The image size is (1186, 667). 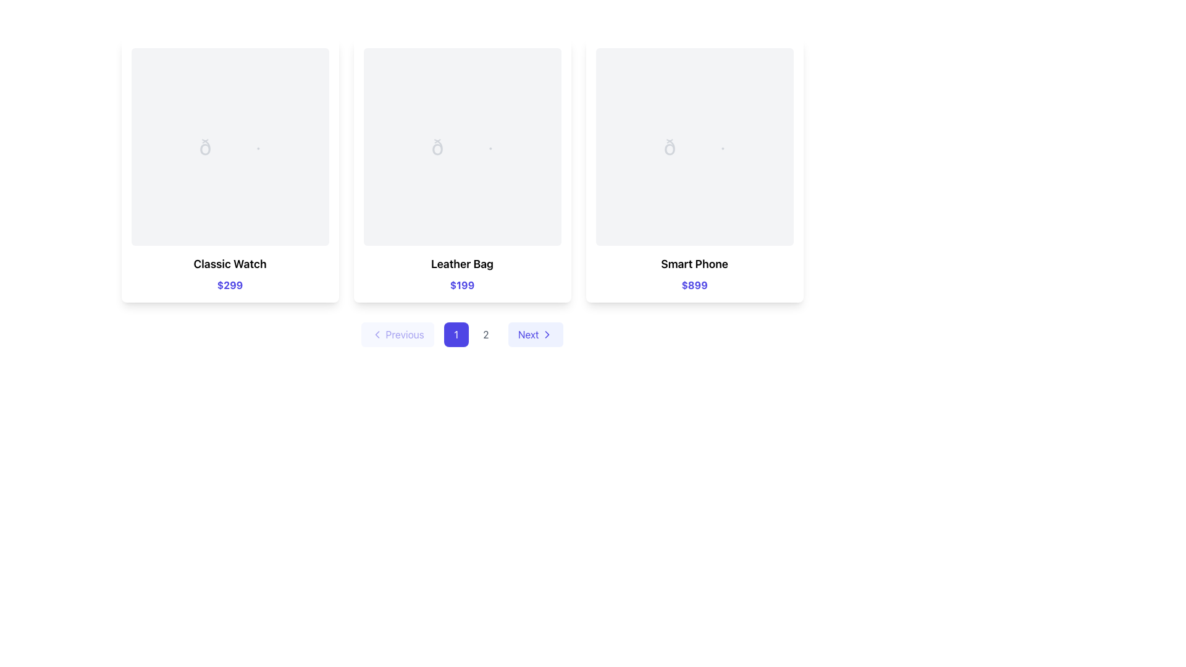 What do you see at coordinates (547, 335) in the screenshot?
I see `the Chevron icon which indicates forward navigation in the pagination section, located to the right of the 'Next' button` at bounding box center [547, 335].